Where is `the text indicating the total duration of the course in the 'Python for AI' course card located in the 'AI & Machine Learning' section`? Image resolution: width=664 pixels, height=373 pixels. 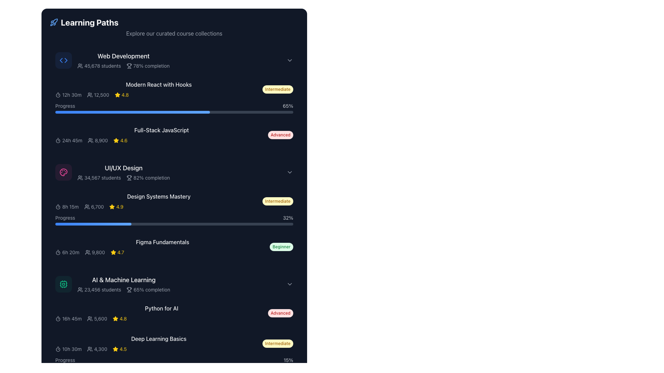 the text indicating the total duration of the course in the 'Python for AI' course card located in the 'AI & Machine Learning' section is located at coordinates (68, 318).